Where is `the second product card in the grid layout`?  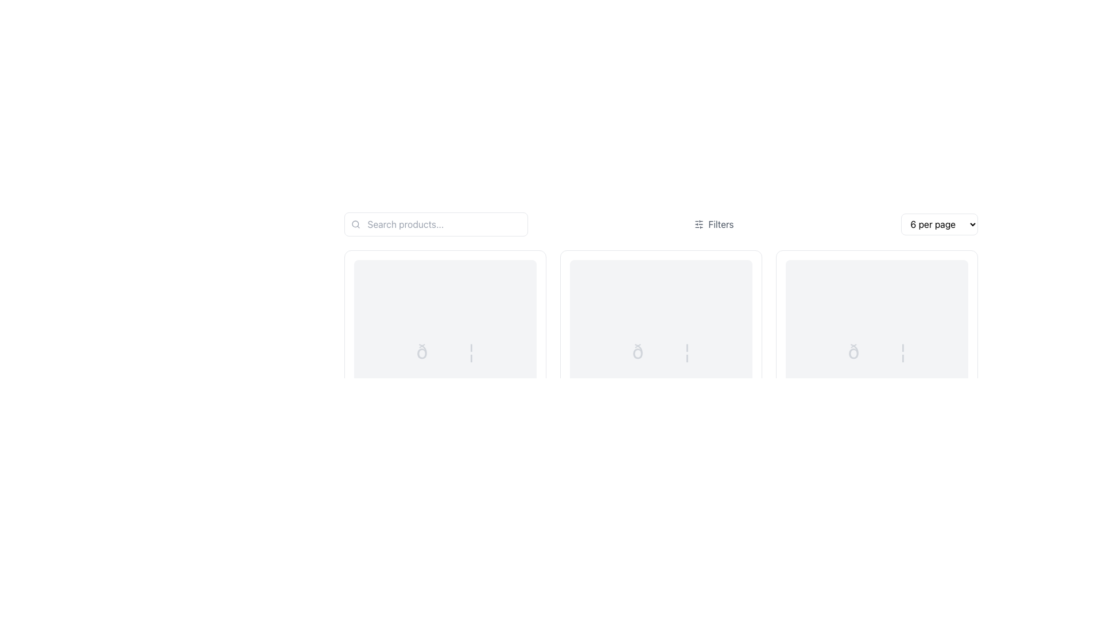 the second product card in the grid layout is located at coordinates (661, 373).